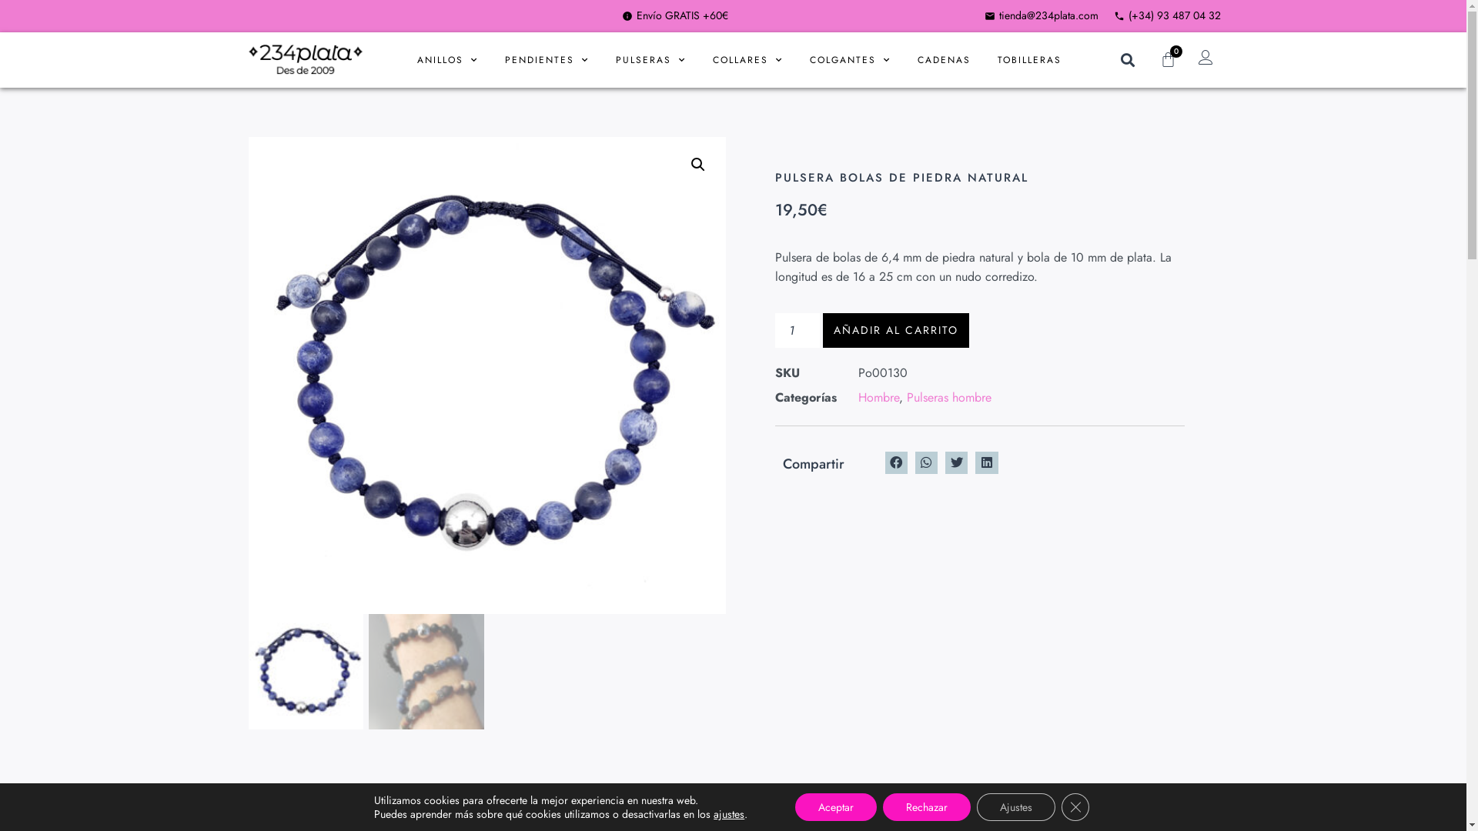  What do you see at coordinates (926, 806) in the screenshot?
I see `'Rechazar'` at bounding box center [926, 806].